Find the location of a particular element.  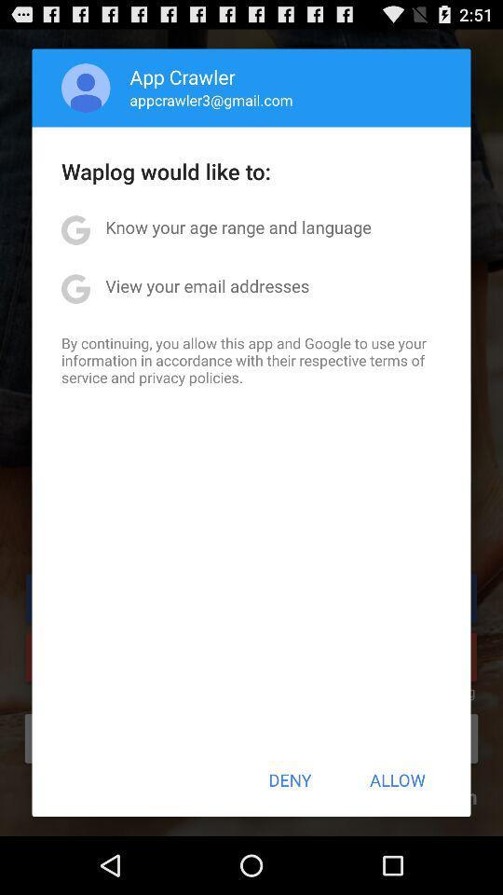

the app below the waplog would like app is located at coordinates (238, 226).